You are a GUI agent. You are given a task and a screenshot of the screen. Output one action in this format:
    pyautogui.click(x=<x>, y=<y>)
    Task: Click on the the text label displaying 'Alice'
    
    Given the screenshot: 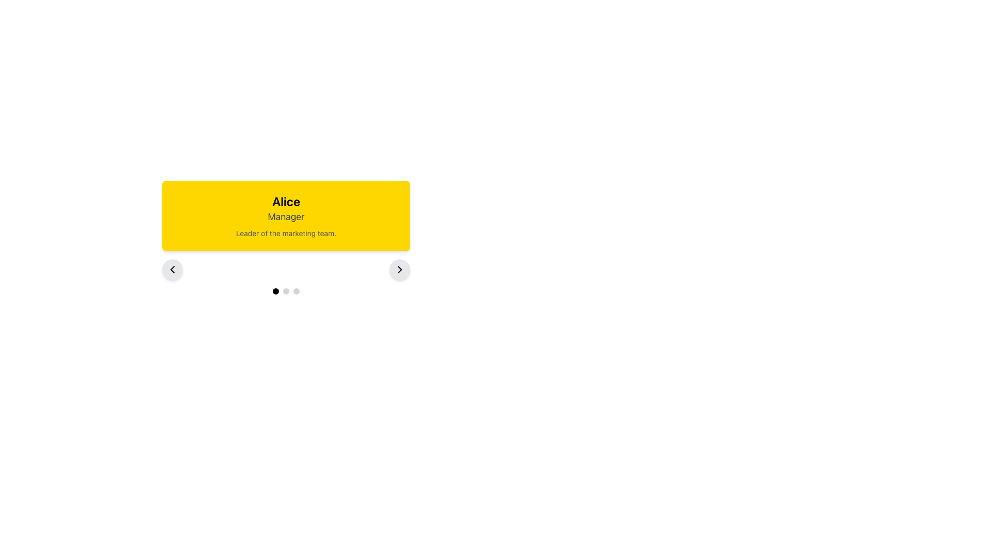 What is the action you would take?
    pyautogui.click(x=286, y=201)
    